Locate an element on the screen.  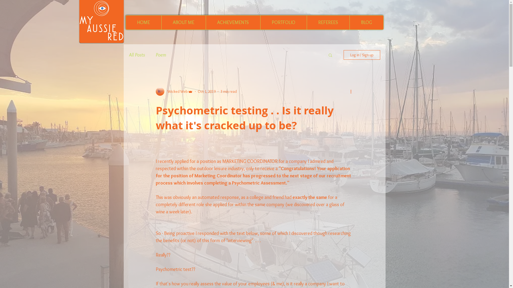
'ACHIEVEMENTS' is located at coordinates (233, 22).